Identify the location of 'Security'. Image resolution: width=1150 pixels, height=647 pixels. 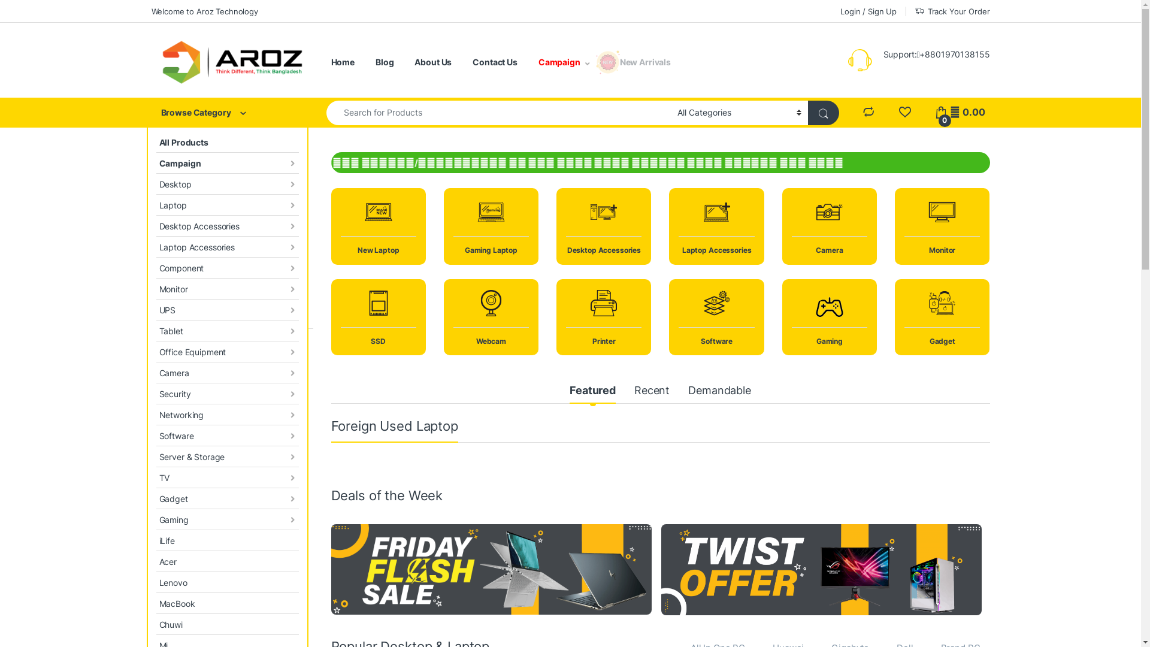
(227, 394).